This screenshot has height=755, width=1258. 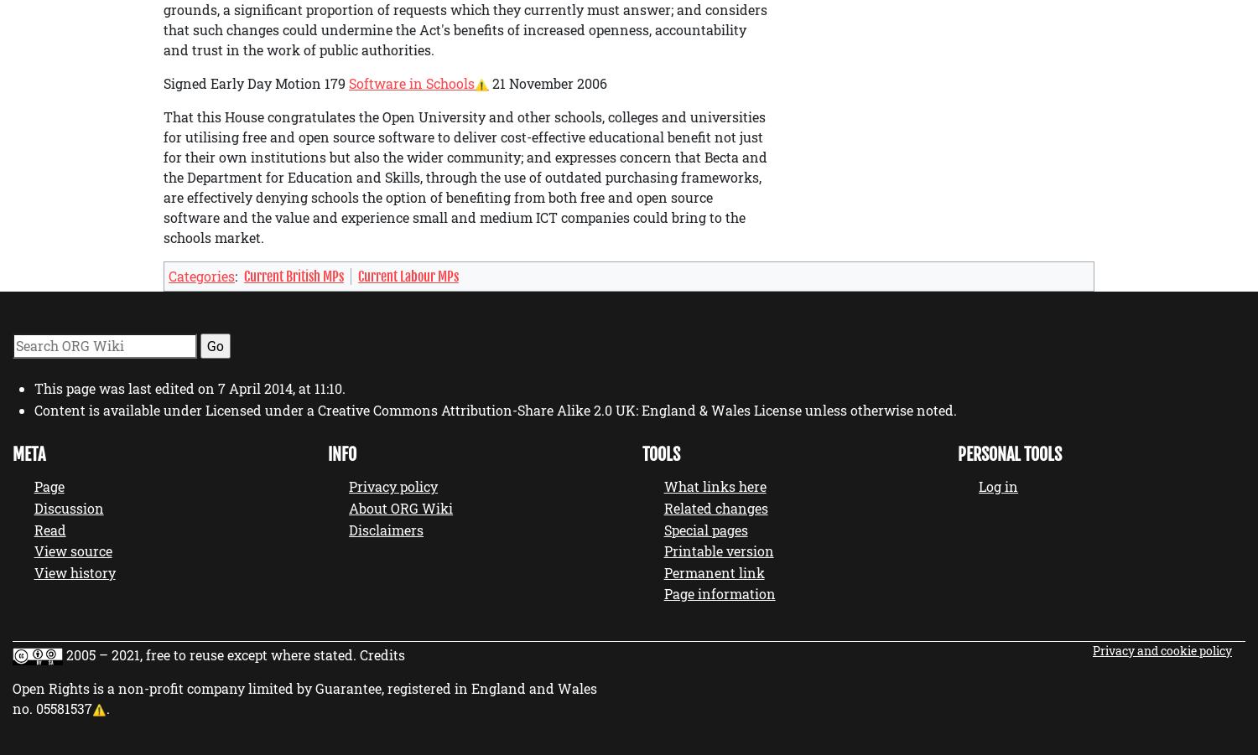 I want to click on 'Special pages', so click(x=663, y=528).